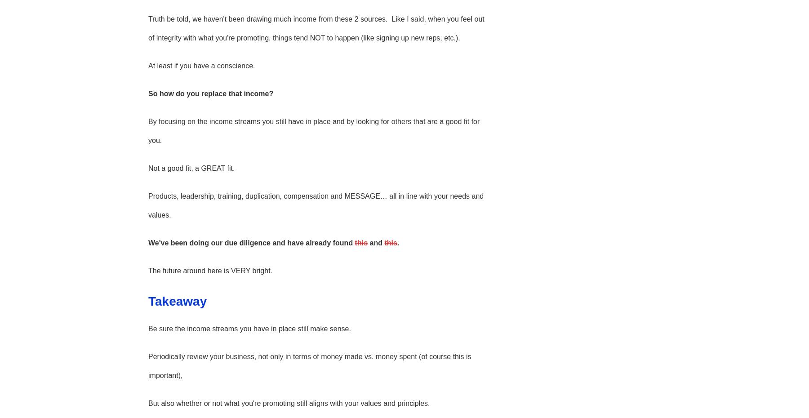 The width and height of the screenshot is (809, 418). What do you see at coordinates (289, 403) in the screenshot?
I see `'But also whether or not what you're promoting still aligns with your values and principles.'` at bounding box center [289, 403].